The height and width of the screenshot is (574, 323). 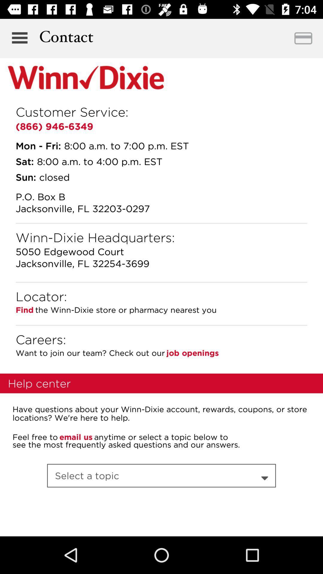 I want to click on the item next to the want to join item, so click(x=193, y=353).